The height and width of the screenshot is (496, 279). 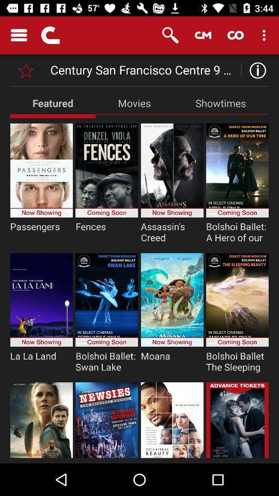 What do you see at coordinates (170, 35) in the screenshot?
I see `the item above century san francisco` at bounding box center [170, 35].